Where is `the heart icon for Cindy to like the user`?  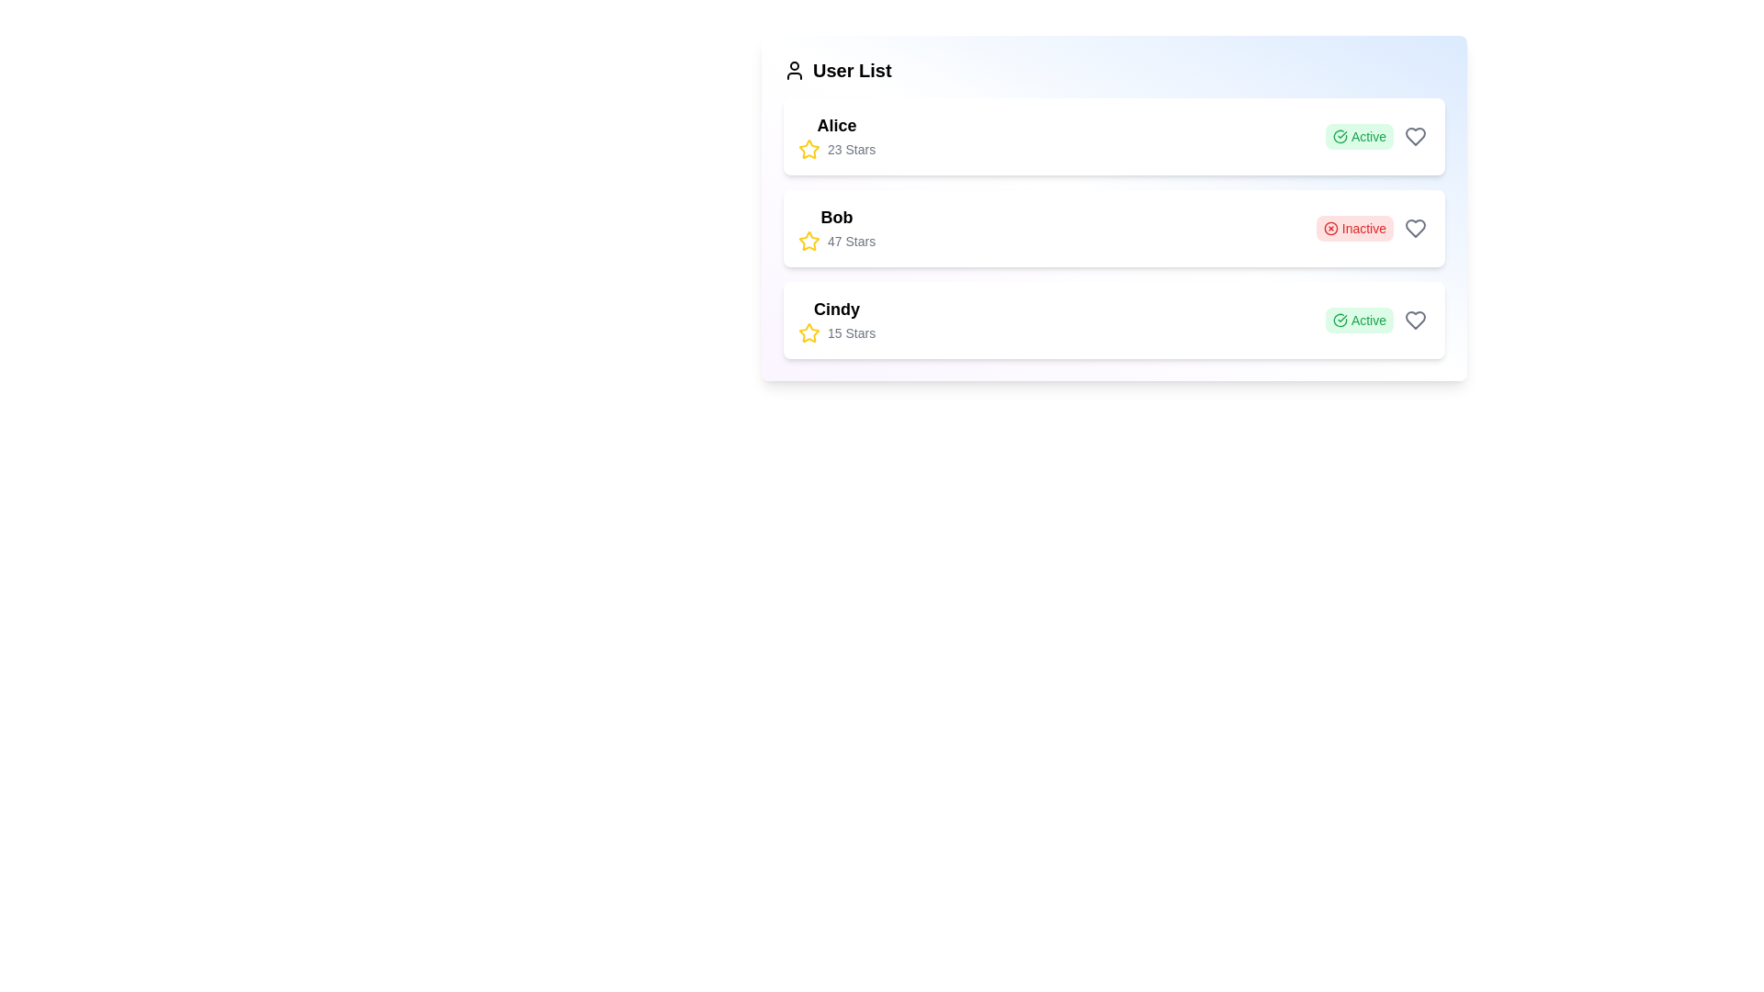
the heart icon for Cindy to like the user is located at coordinates (1414, 319).